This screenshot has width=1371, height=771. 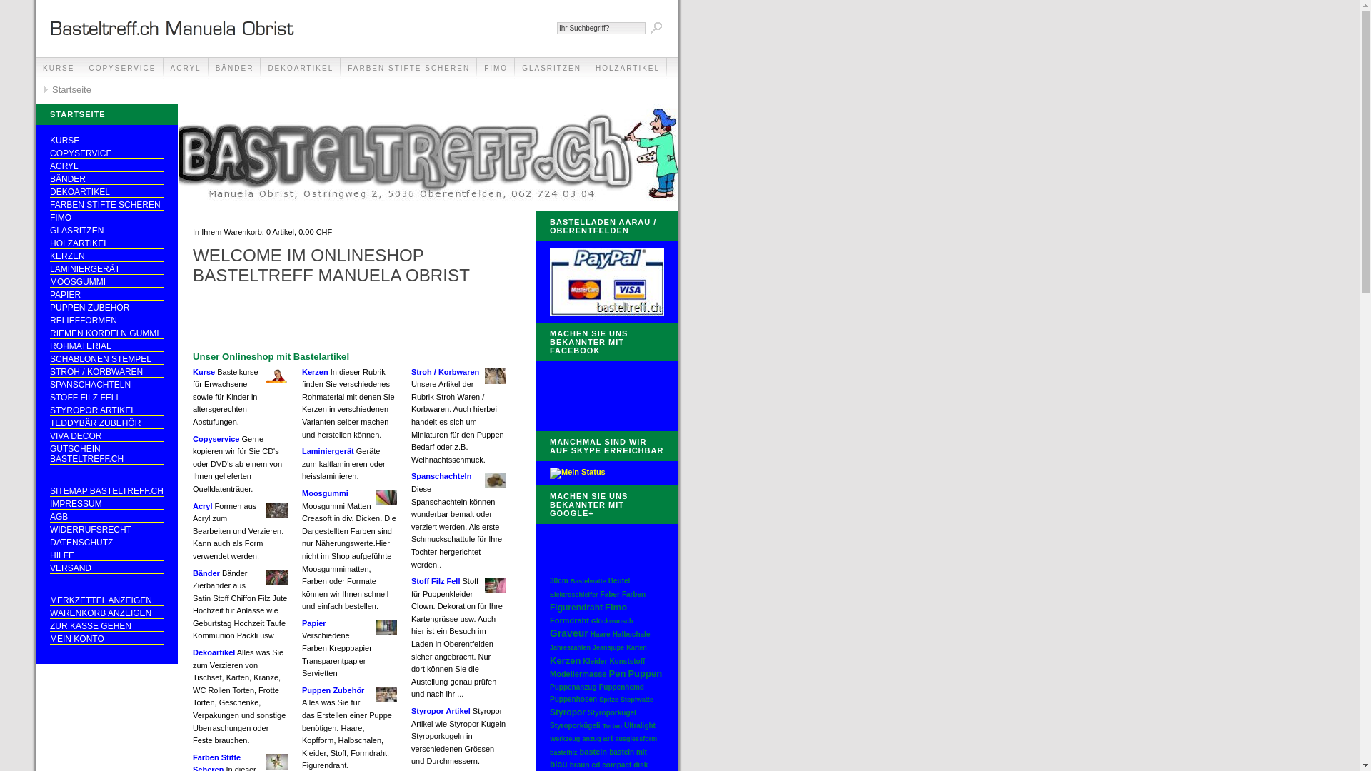 I want to click on 'STOFF FILZ FELL', so click(x=50, y=398).